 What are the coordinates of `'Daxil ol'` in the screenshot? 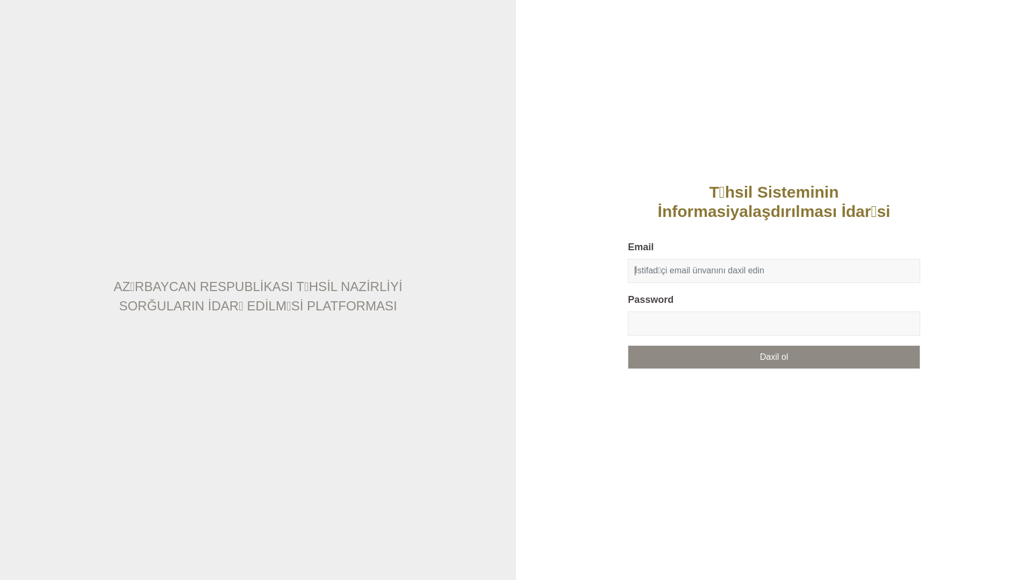 It's located at (773, 356).